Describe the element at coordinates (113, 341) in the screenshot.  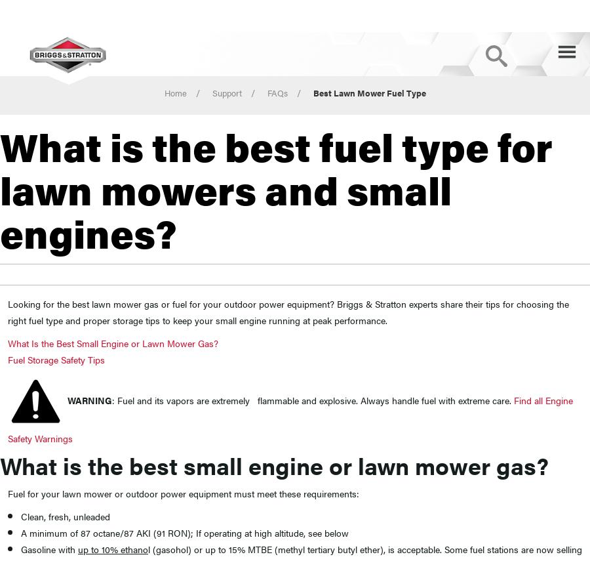
I see `'What Is the Best Small Engine or Lawn Mower Gas?'` at that location.